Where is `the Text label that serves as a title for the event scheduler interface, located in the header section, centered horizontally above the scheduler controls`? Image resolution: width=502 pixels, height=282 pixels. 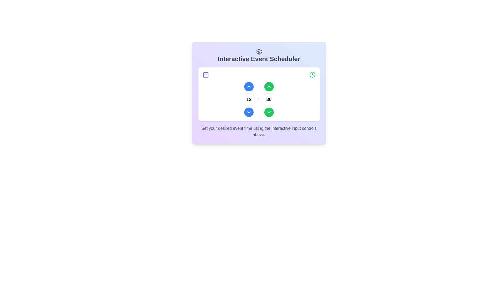 the Text label that serves as a title for the event scheduler interface, located in the header section, centered horizontally above the scheduler controls is located at coordinates (259, 59).